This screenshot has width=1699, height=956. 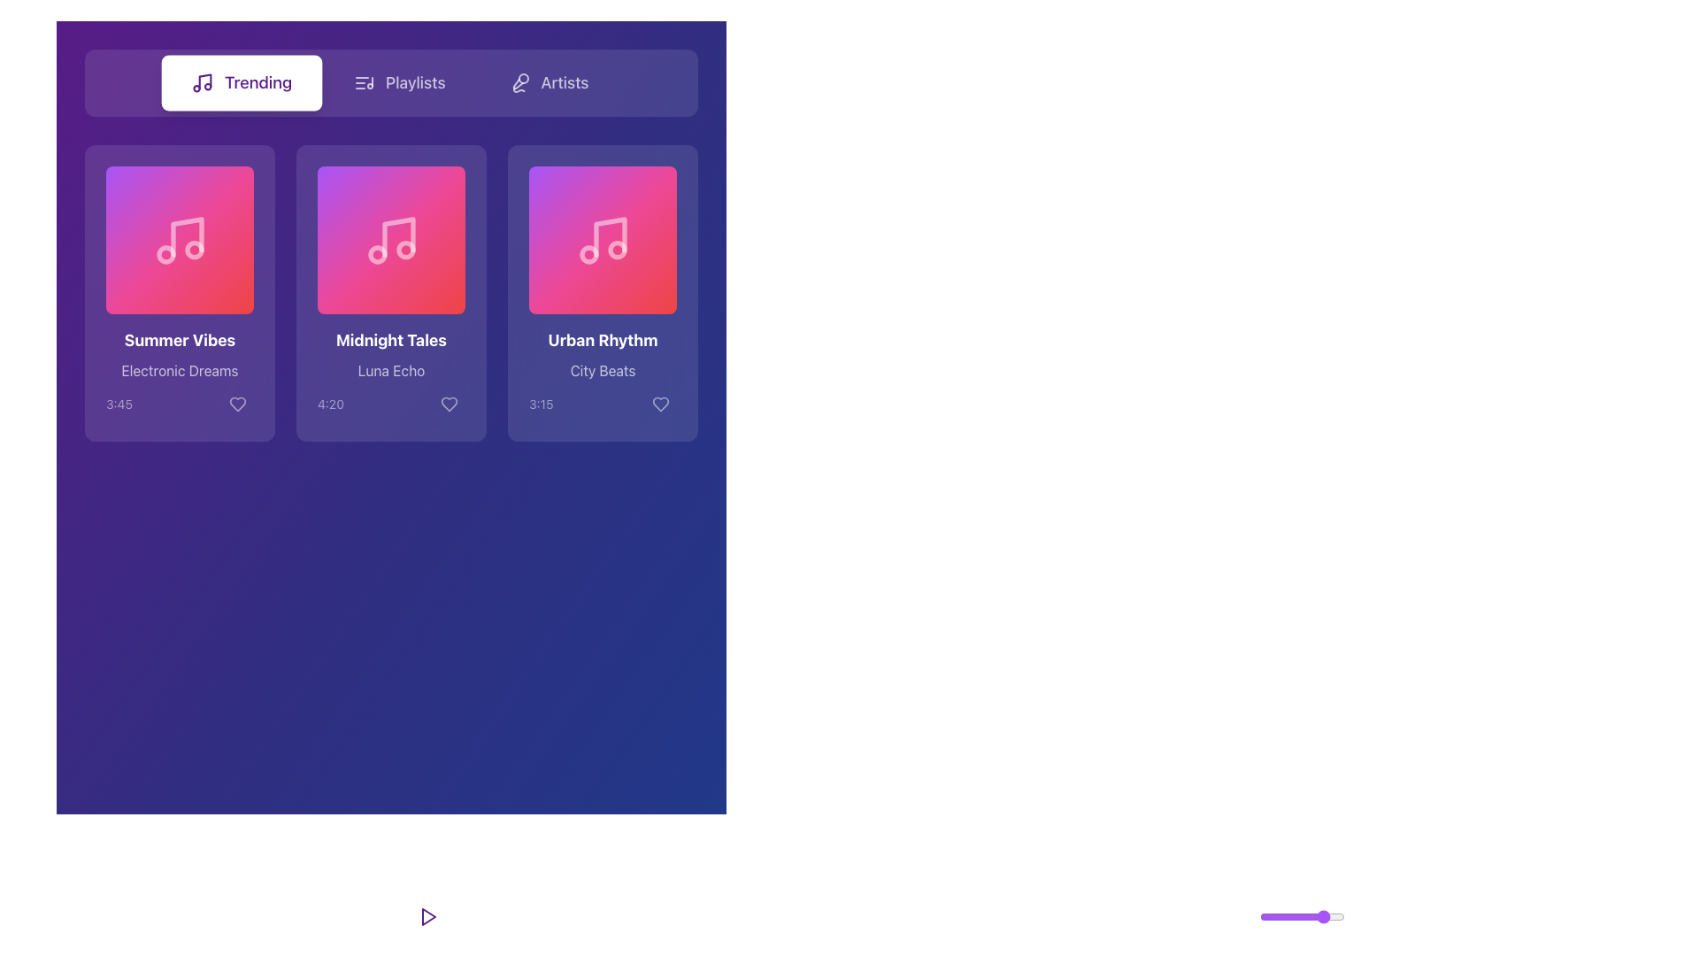 What do you see at coordinates (428, 916) in the screenshot?
I see `the play/pause button located at the center of the horizontal row of audio controls, situated between the skip back and skip forward buttons` at bounding box center [428, 916].